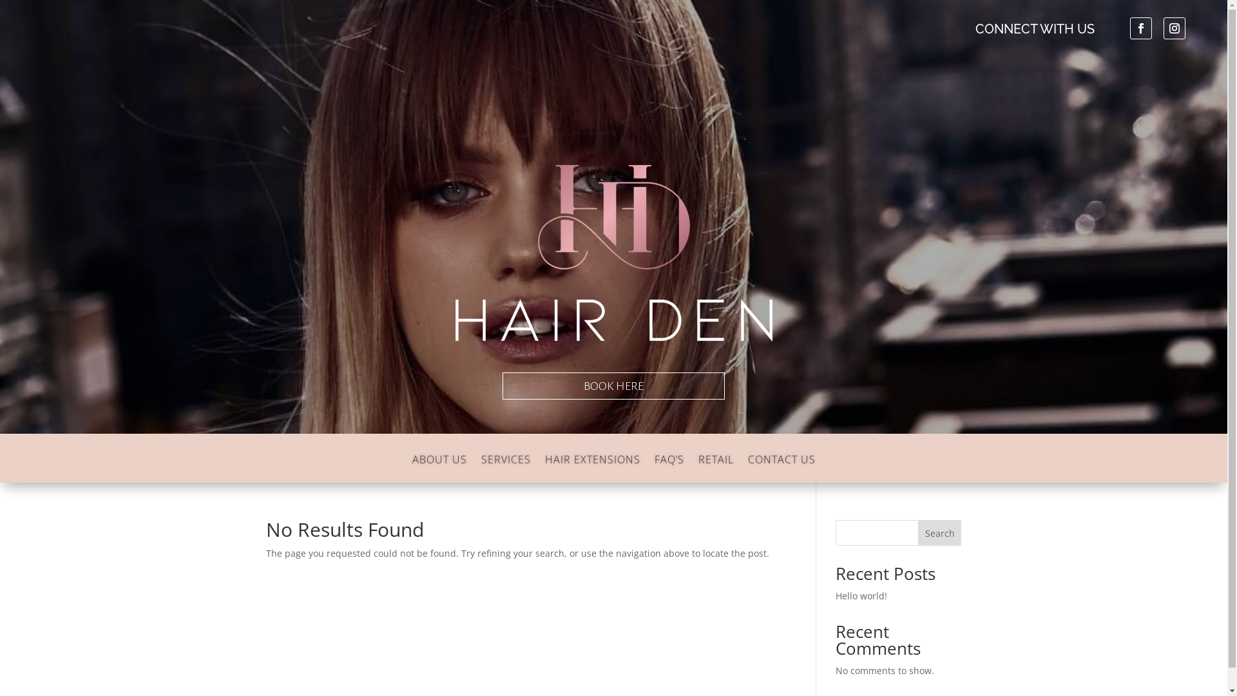 This screenshot has width=1237, height=696. I want to click on 'HAIR EXTENSIONS', so click(592, 469).